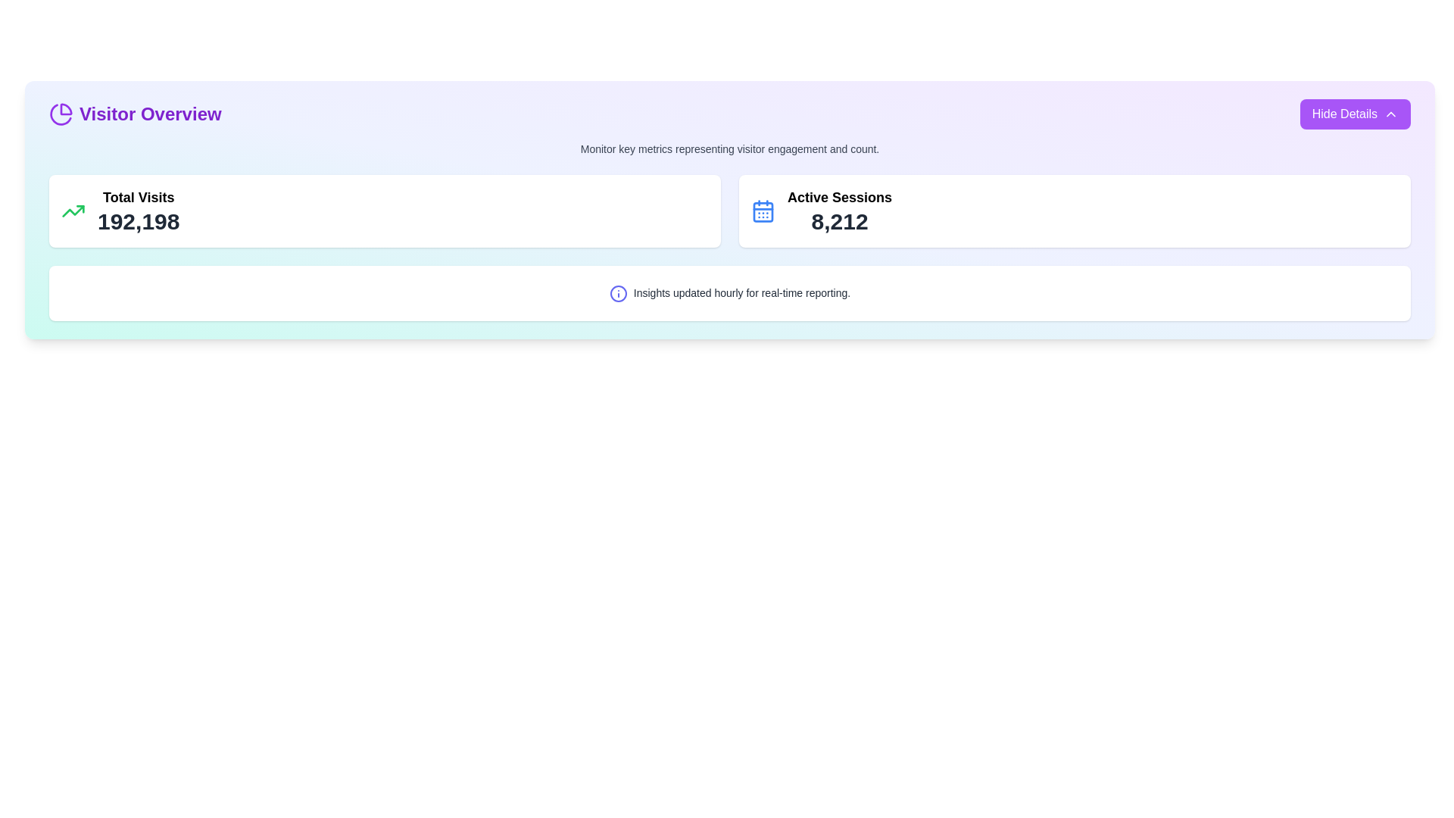  I want to click on the informational panel that contains an indigo icon and the message 'Insights updated hourly for real-time reporting.' located below the 'Total Visits' and 'Active Sessions' sections, so click(730, 292).